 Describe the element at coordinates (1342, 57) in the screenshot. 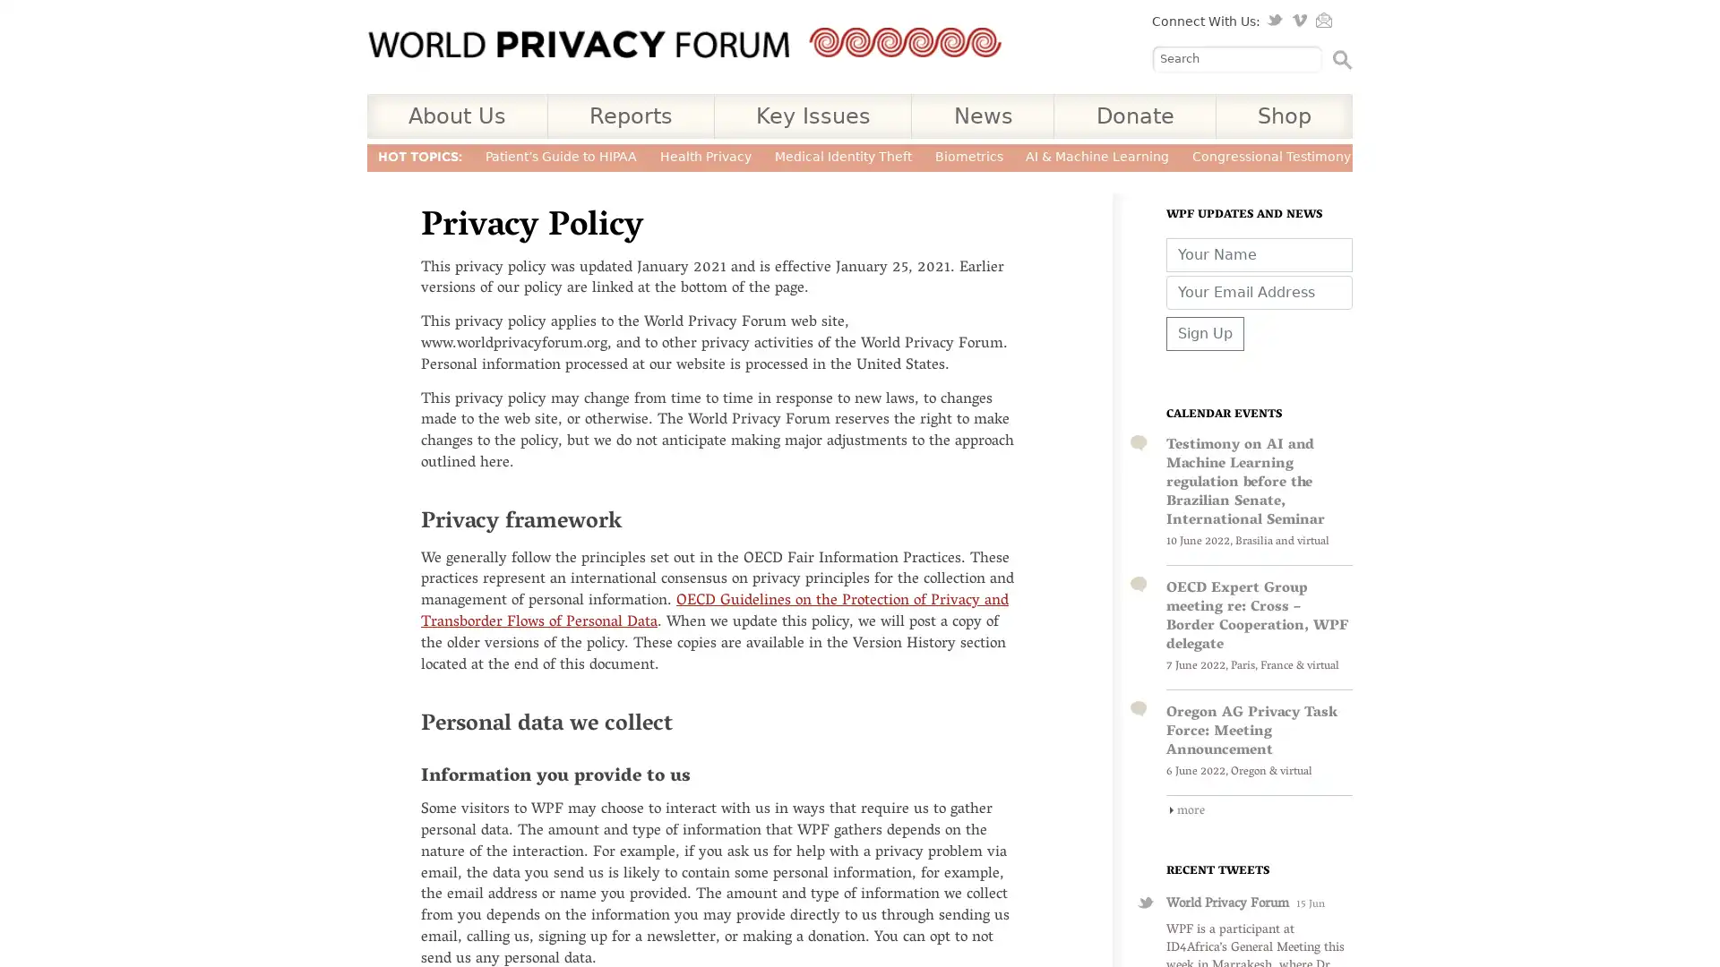

I see `Search` at that location.